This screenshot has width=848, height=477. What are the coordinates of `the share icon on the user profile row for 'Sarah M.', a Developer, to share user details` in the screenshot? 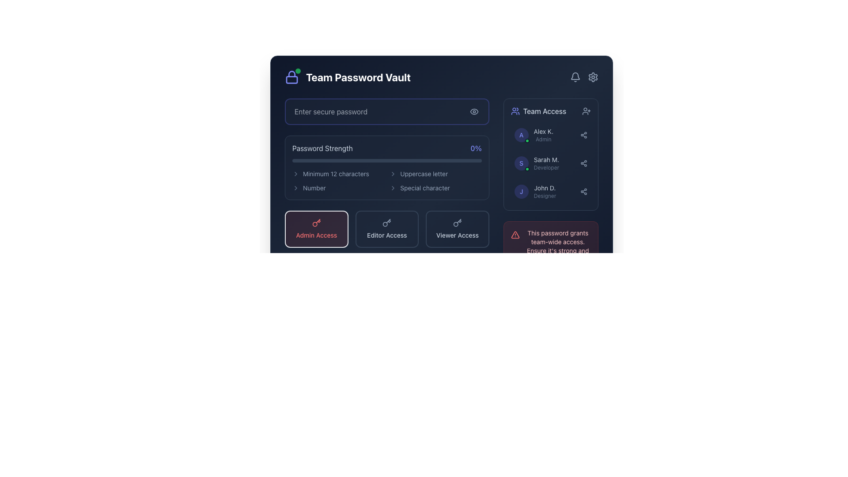 It's located at (550, 163).